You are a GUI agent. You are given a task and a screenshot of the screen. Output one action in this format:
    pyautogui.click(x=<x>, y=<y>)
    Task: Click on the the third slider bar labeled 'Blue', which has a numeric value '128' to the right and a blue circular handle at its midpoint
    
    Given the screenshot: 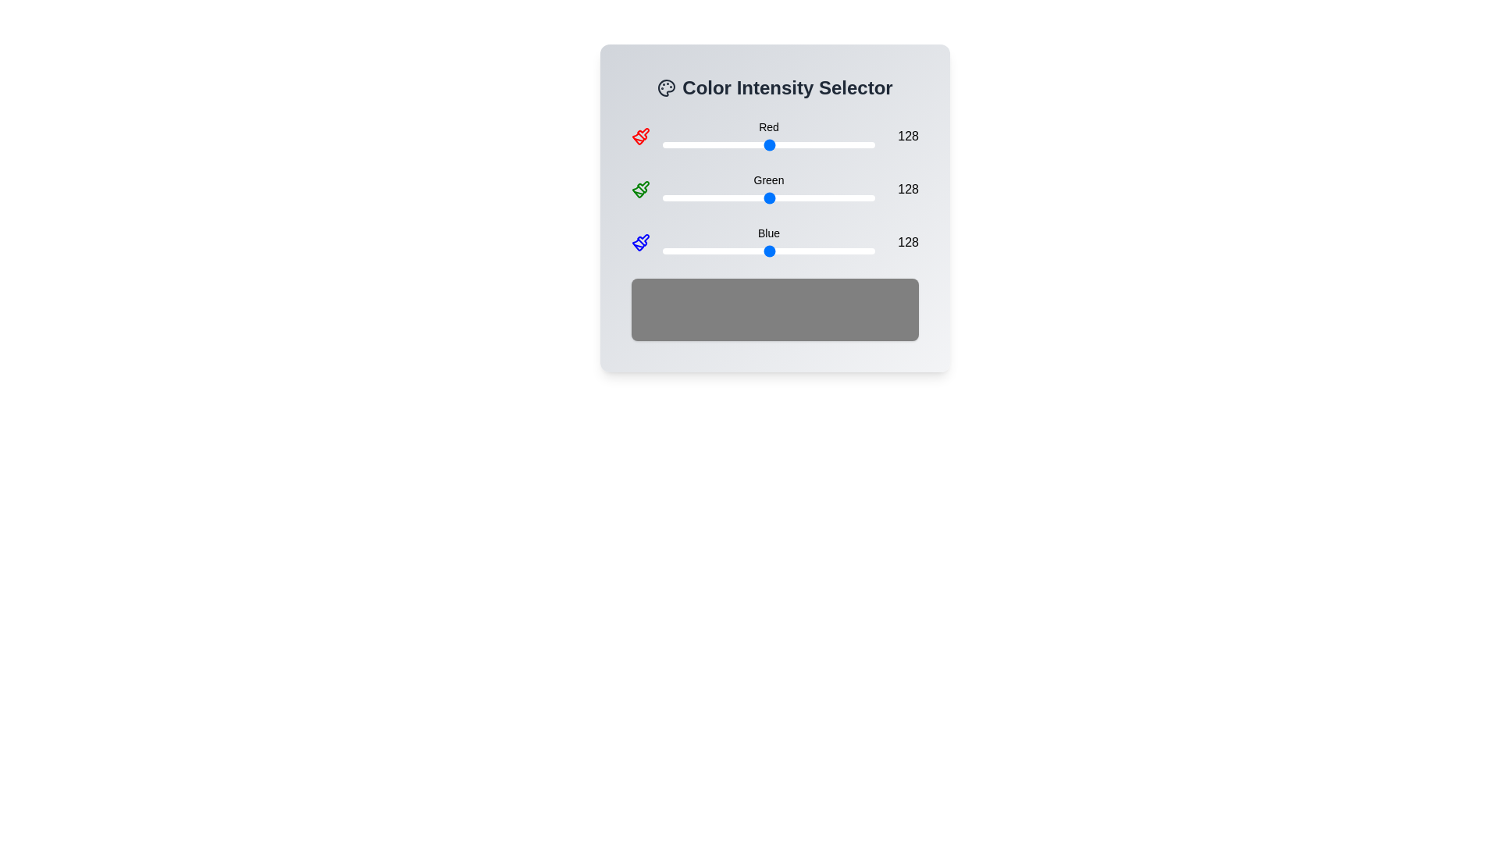 What is the action you would take?
    pyautogui.click(x=775, y=243)
    